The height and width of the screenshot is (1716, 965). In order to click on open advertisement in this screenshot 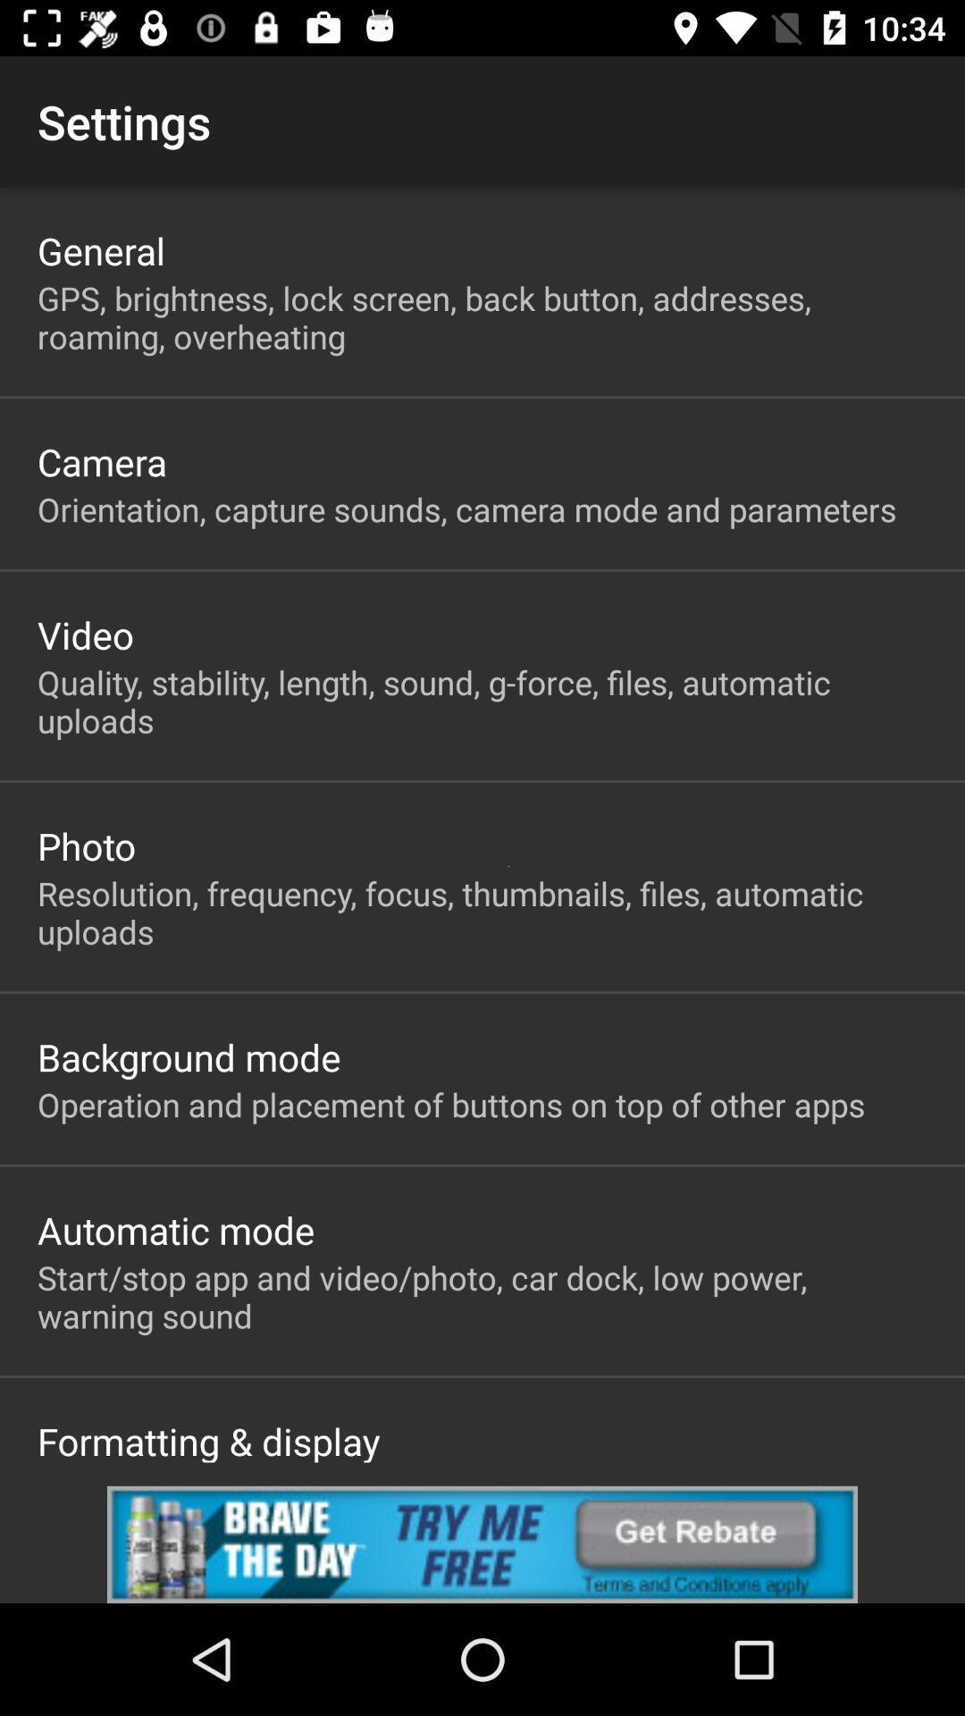, I will do `click(482, 1544)`.